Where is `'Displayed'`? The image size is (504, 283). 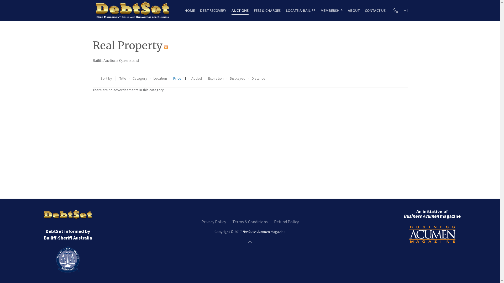 'Displayed' is located at coordinates (238, 78).